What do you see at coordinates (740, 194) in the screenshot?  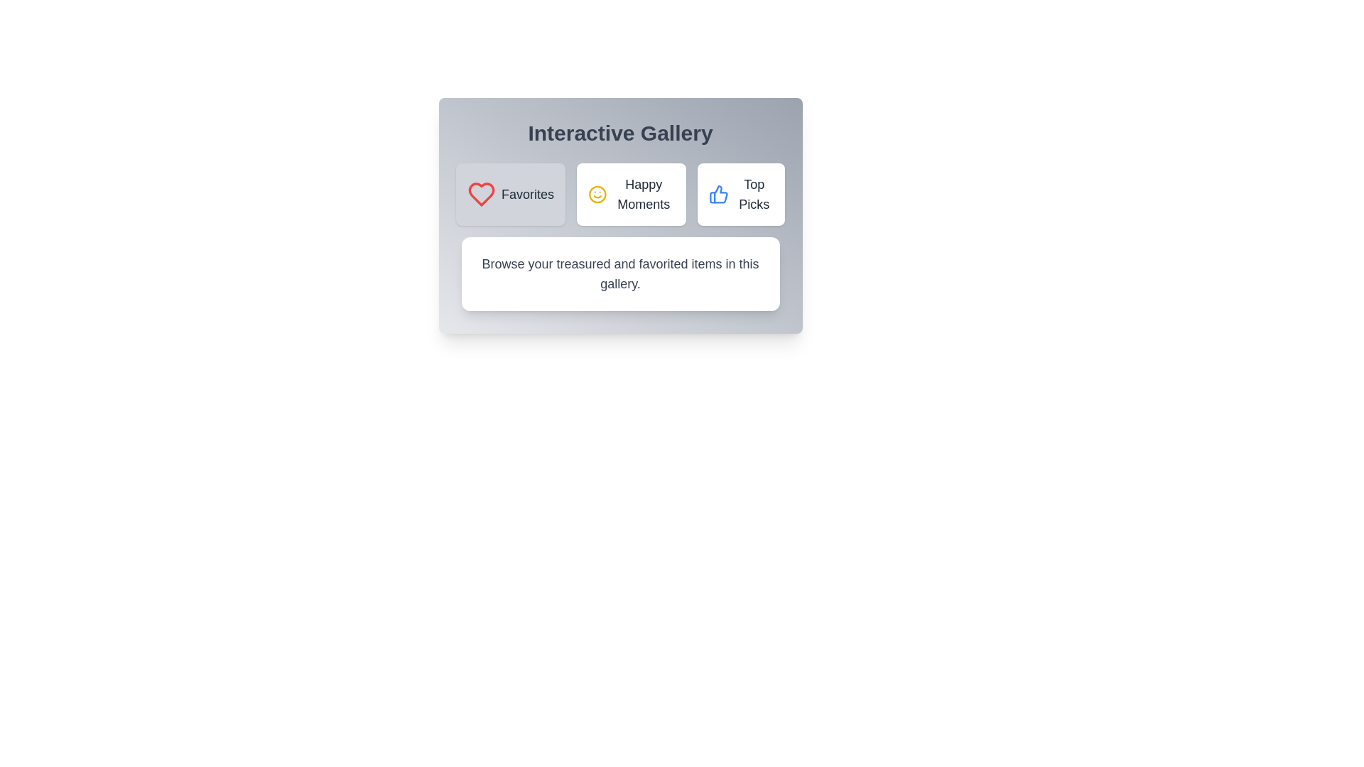 I see `the Top Picks category by clicking the respective button` at bounding box center [740, 194].